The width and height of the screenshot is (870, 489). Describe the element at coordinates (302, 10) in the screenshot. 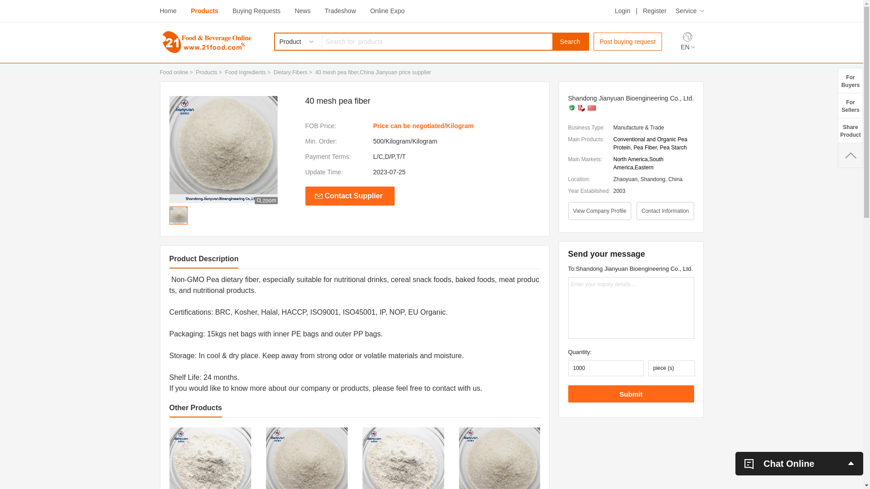

I see `'News'` at that location.